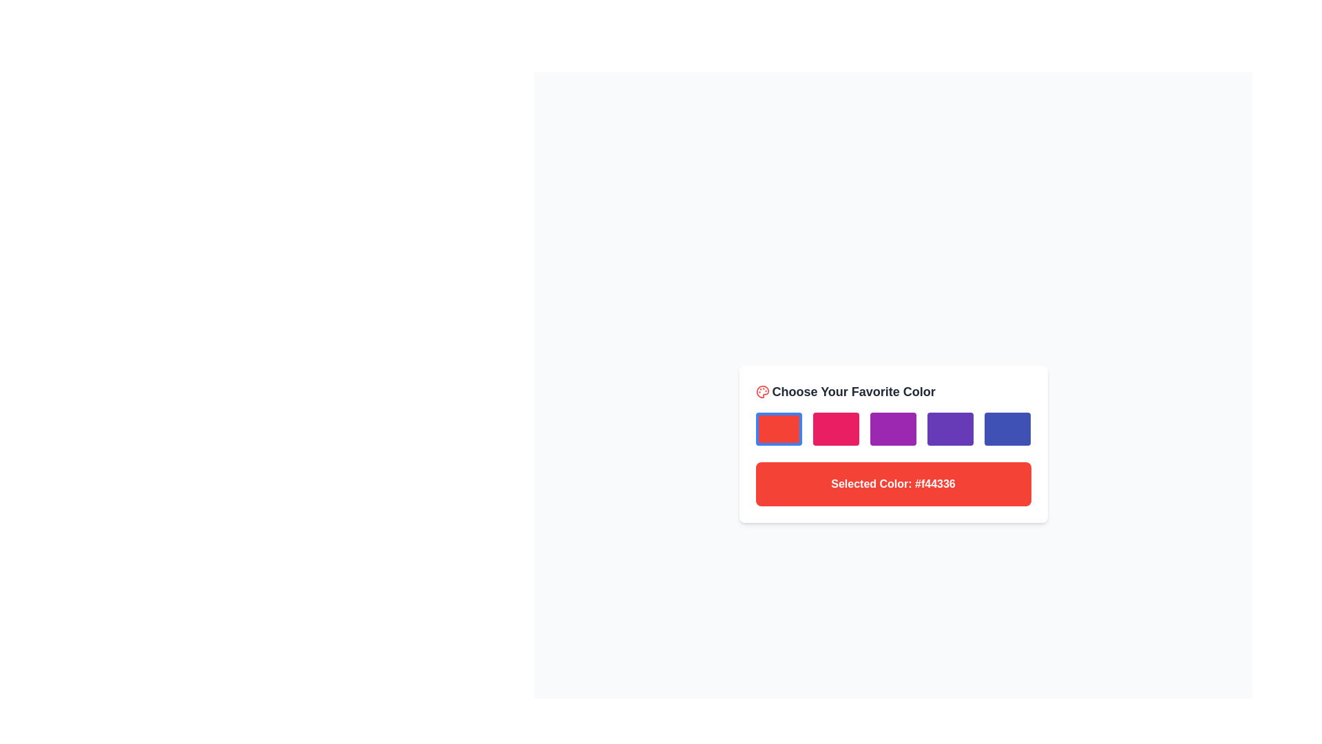  I want to click on the red palette icon located to the left of the title 'Choose Your Favorite Color', which features multiple small circular elements and an intricate hollow design, so click(762, 392).